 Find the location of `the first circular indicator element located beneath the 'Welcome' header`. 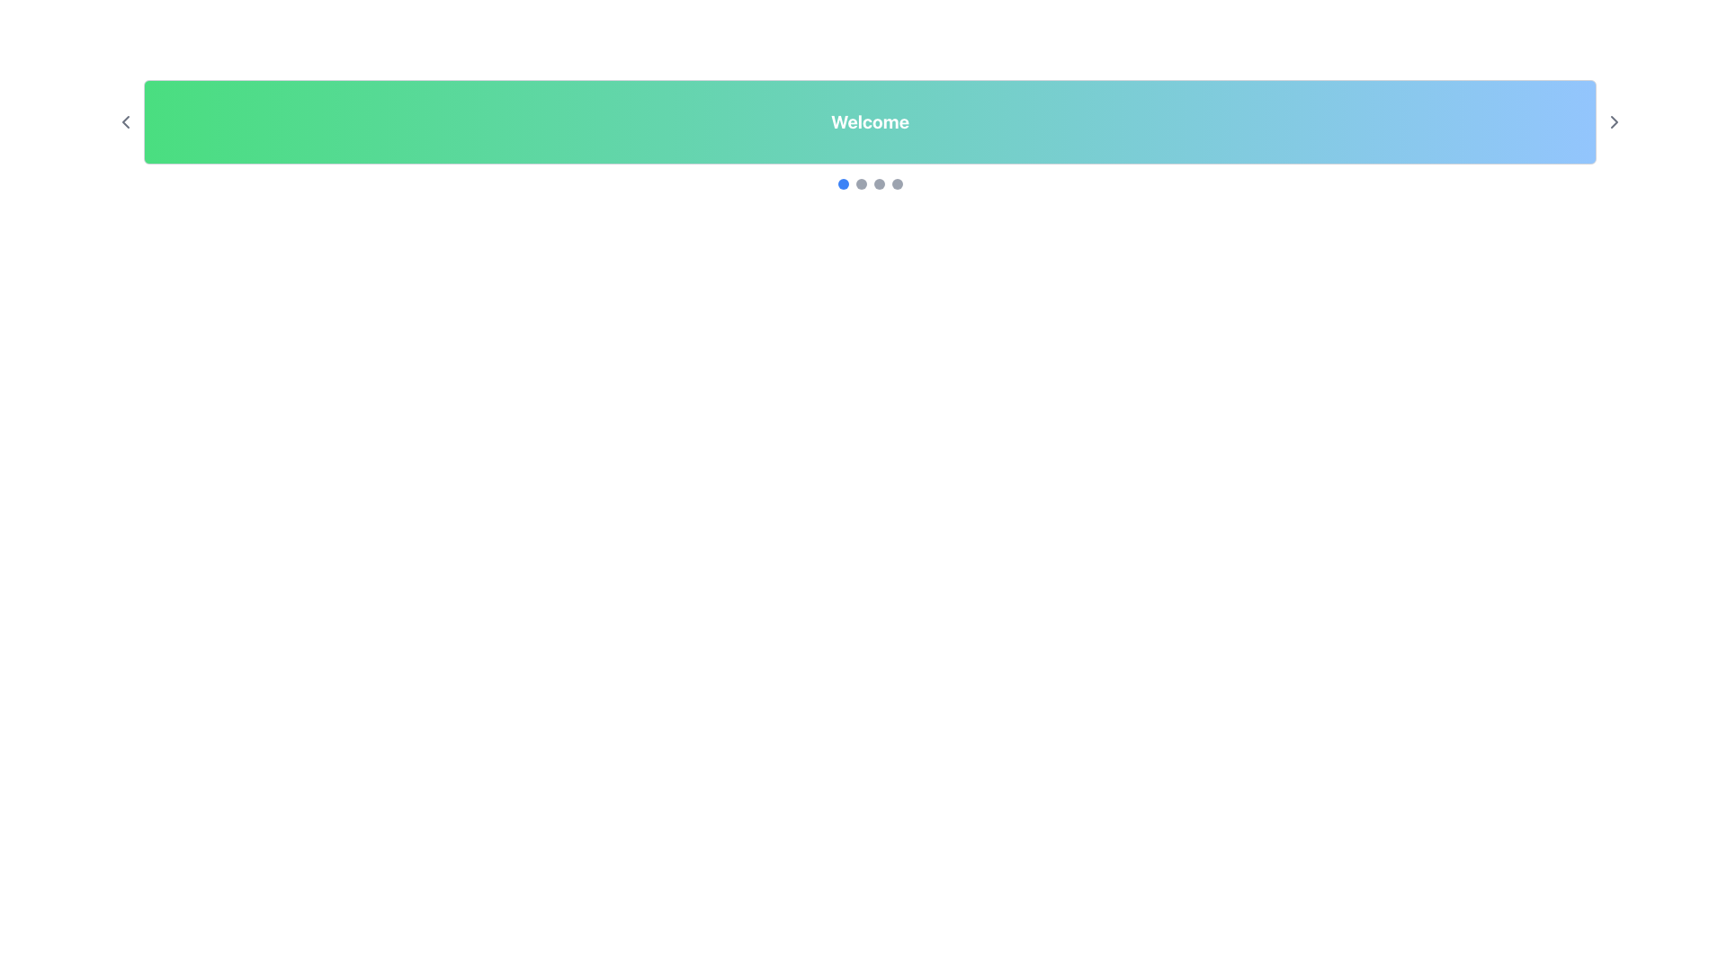

the first circular indicator element located beneath the 'Welcome' header is located at coordinates (842, 183).